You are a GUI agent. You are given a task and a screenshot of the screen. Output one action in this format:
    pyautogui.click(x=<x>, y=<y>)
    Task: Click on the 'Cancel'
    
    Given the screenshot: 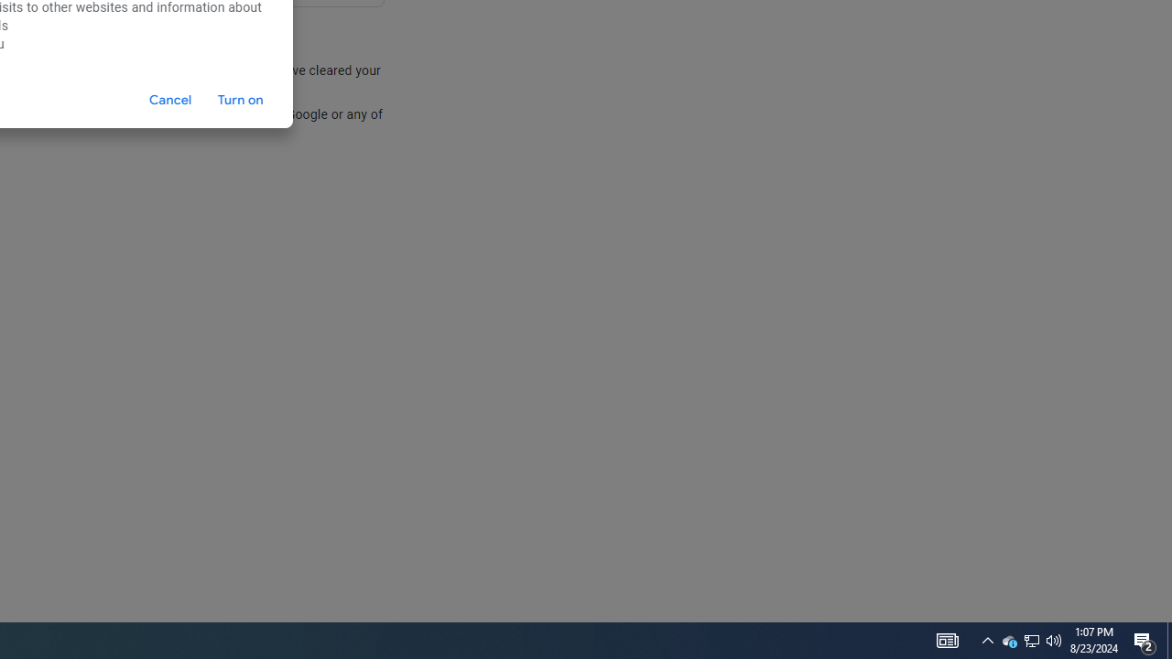 What is the action you would take?
    pyautogui.click(x=170, y=100)
    